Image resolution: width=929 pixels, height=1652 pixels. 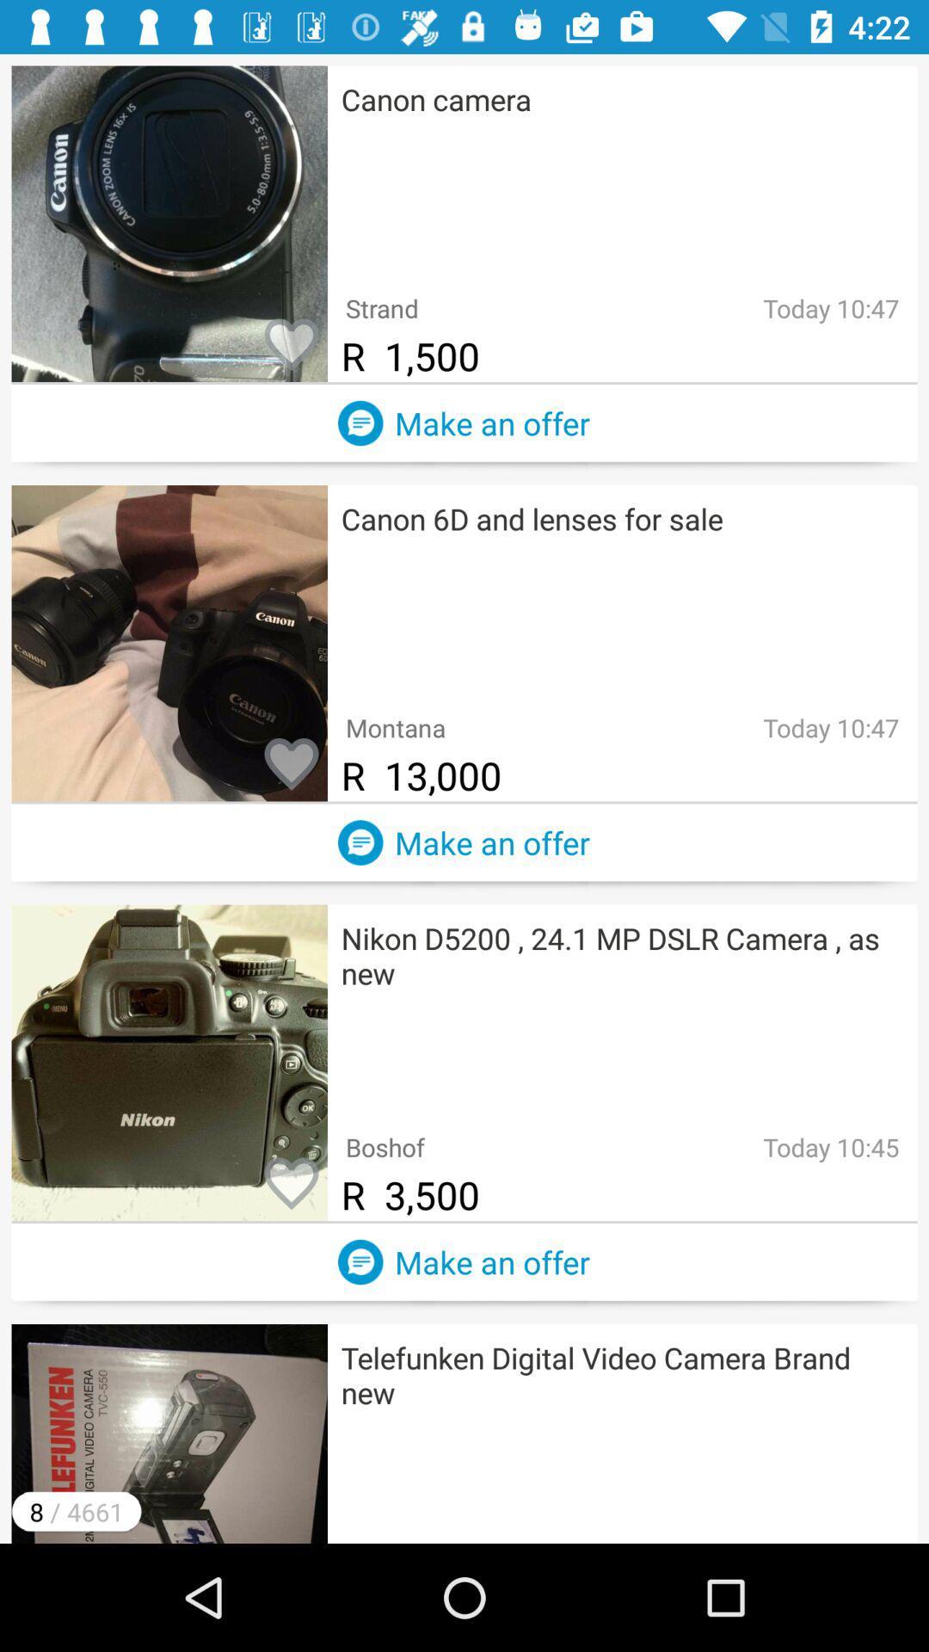 I want to click on compassion and love, so click(x=291, y=345).